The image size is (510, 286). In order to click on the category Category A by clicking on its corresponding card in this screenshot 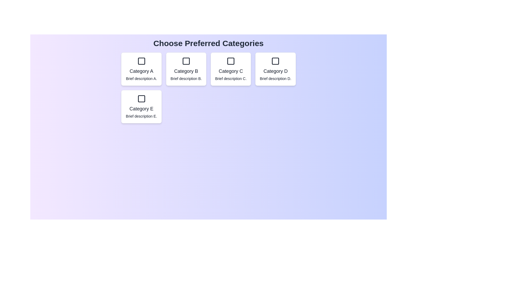, I will do `click(141, 69)`.